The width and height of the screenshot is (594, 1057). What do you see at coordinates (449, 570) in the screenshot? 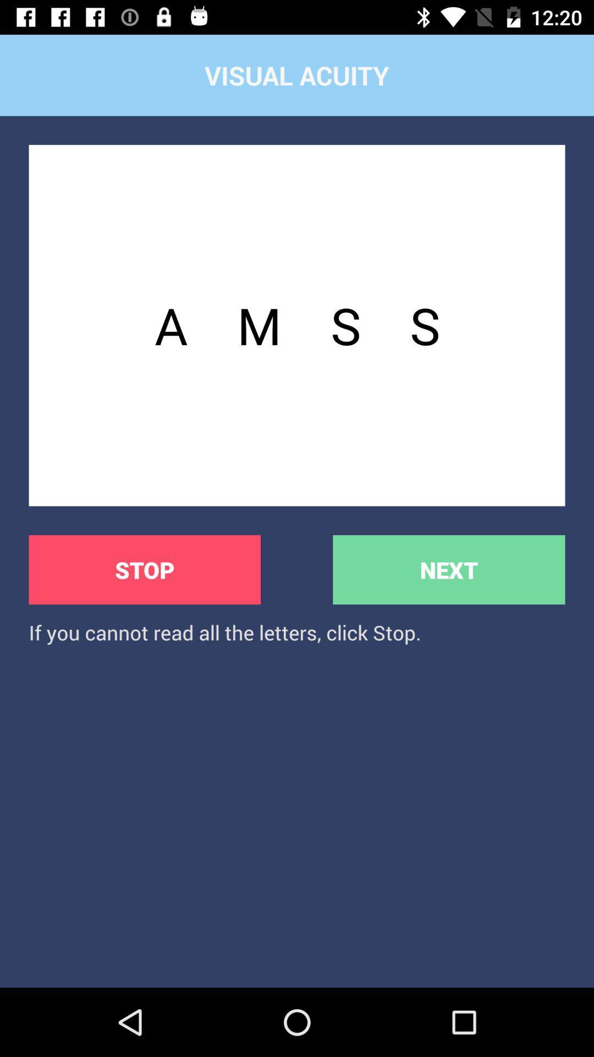
I see `next on the right` at bounding box center [449, 570].